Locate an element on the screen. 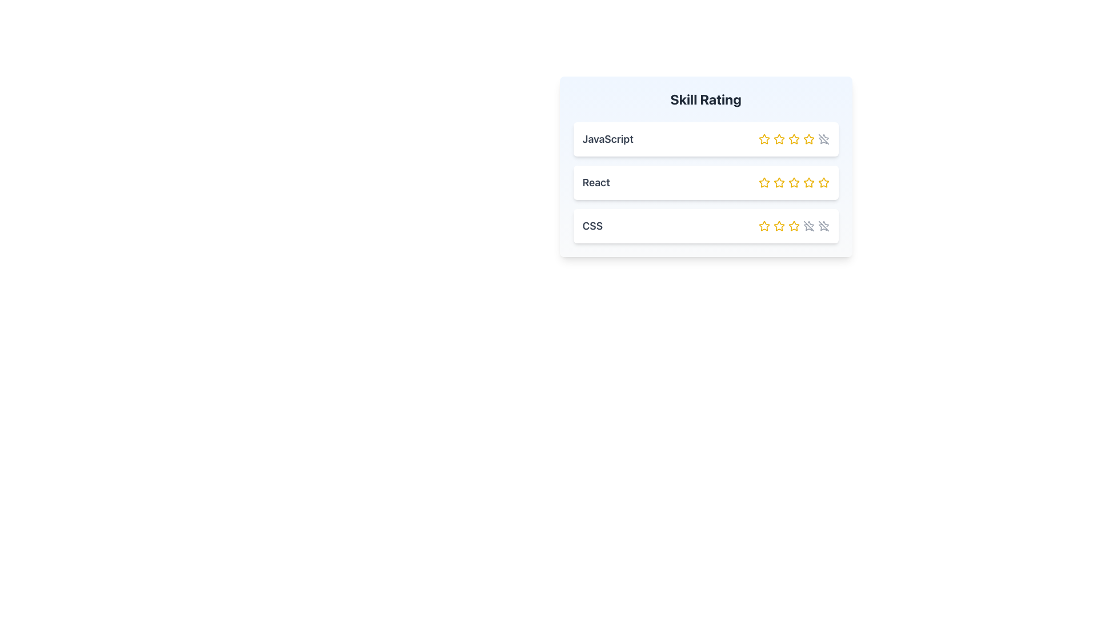 Image resolution: width=1097 pixels, height=617 pixels. the fourth star in the rating section of the 'React' row, which is part of a rating system is located at coordinates (808, 182).